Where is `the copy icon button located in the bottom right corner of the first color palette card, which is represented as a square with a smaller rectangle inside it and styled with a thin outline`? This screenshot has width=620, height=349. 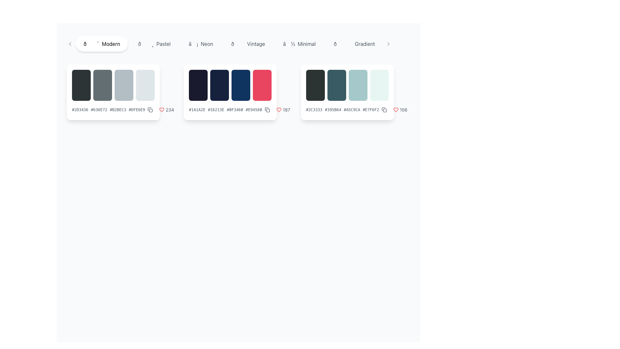 the copy icon button located in the bottom right corner of the first color palette card, which is represented as a square with a smaller rectangle inside it and styled with a thin outline is located at coordinates (150, 109).